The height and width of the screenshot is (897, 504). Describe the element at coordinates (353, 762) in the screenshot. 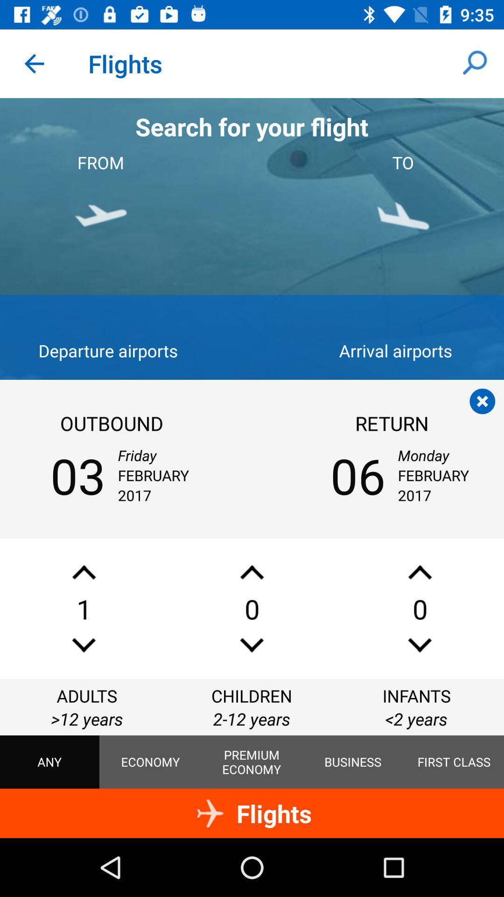

I see `the button which is in between premium economy and first class` at that location.